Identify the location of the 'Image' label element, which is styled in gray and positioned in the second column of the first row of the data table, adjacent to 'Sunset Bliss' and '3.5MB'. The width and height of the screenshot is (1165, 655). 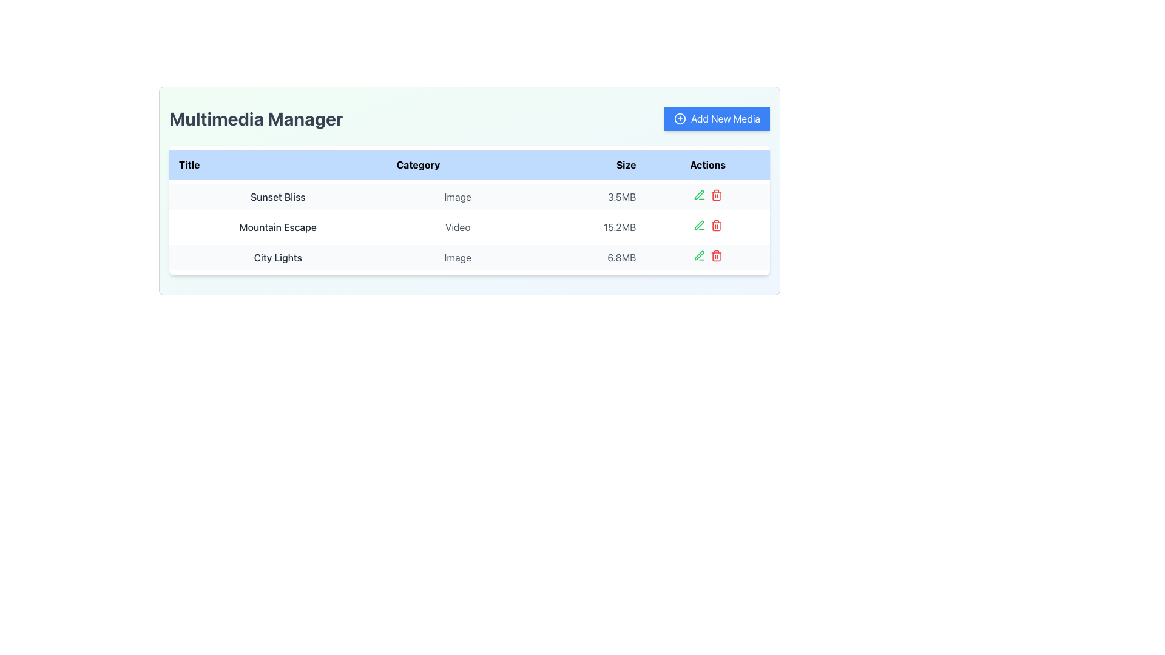
(457, 196).